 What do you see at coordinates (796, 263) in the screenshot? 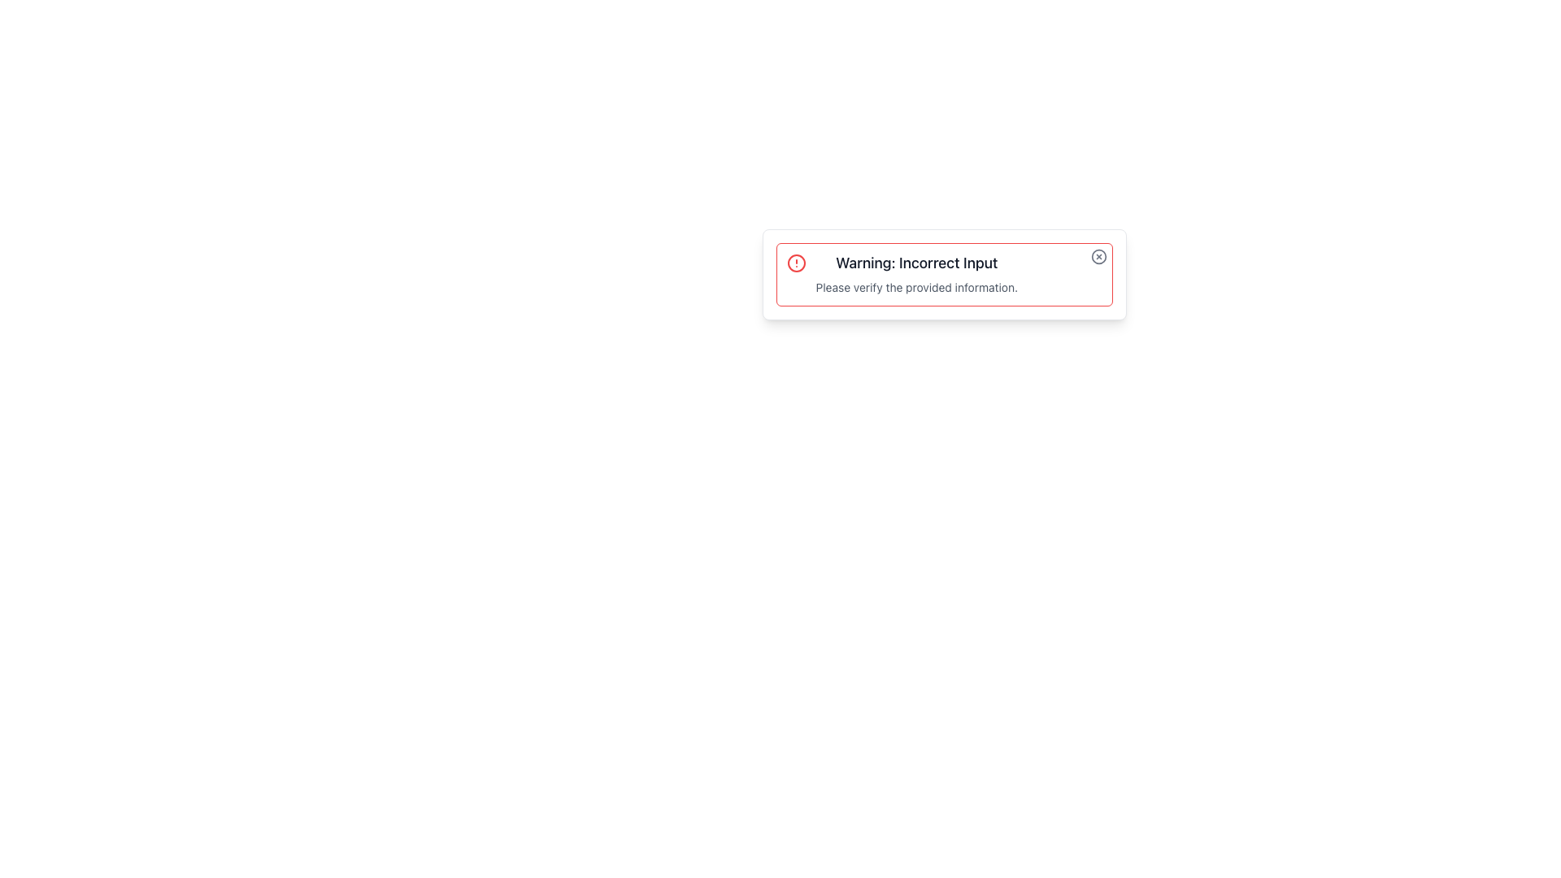
I see `the icon associated with the alert message, located within the alert box near the text ‘Warning: Incorrect Input.’` at bounding box center [796, 263].